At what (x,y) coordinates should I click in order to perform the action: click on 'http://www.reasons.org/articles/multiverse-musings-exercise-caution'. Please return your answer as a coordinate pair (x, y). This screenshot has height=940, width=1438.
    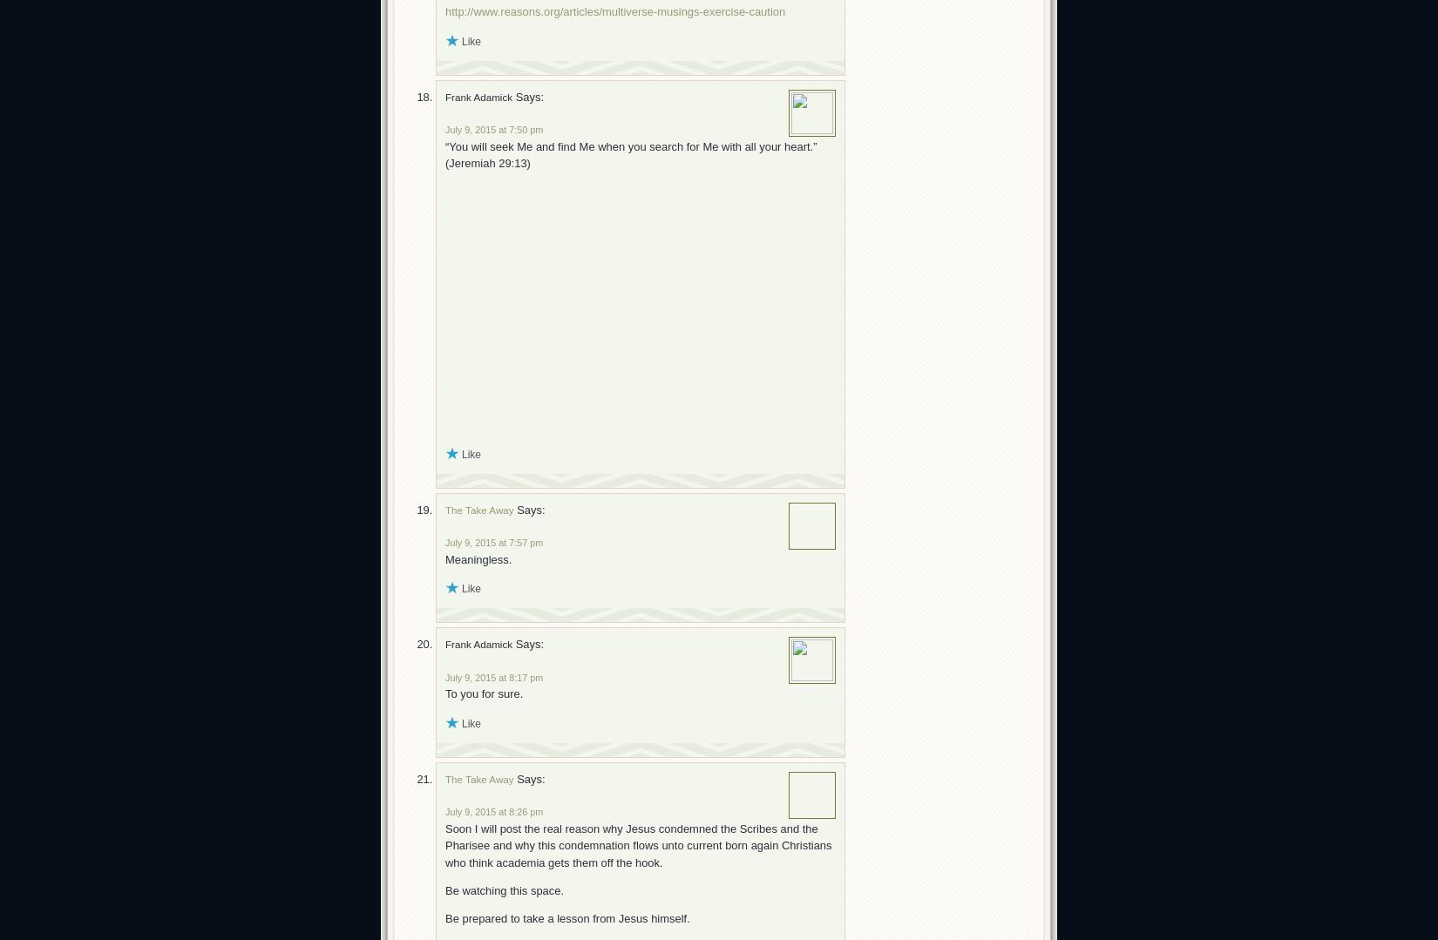
    Looking at the image, I should click on (614, 11).